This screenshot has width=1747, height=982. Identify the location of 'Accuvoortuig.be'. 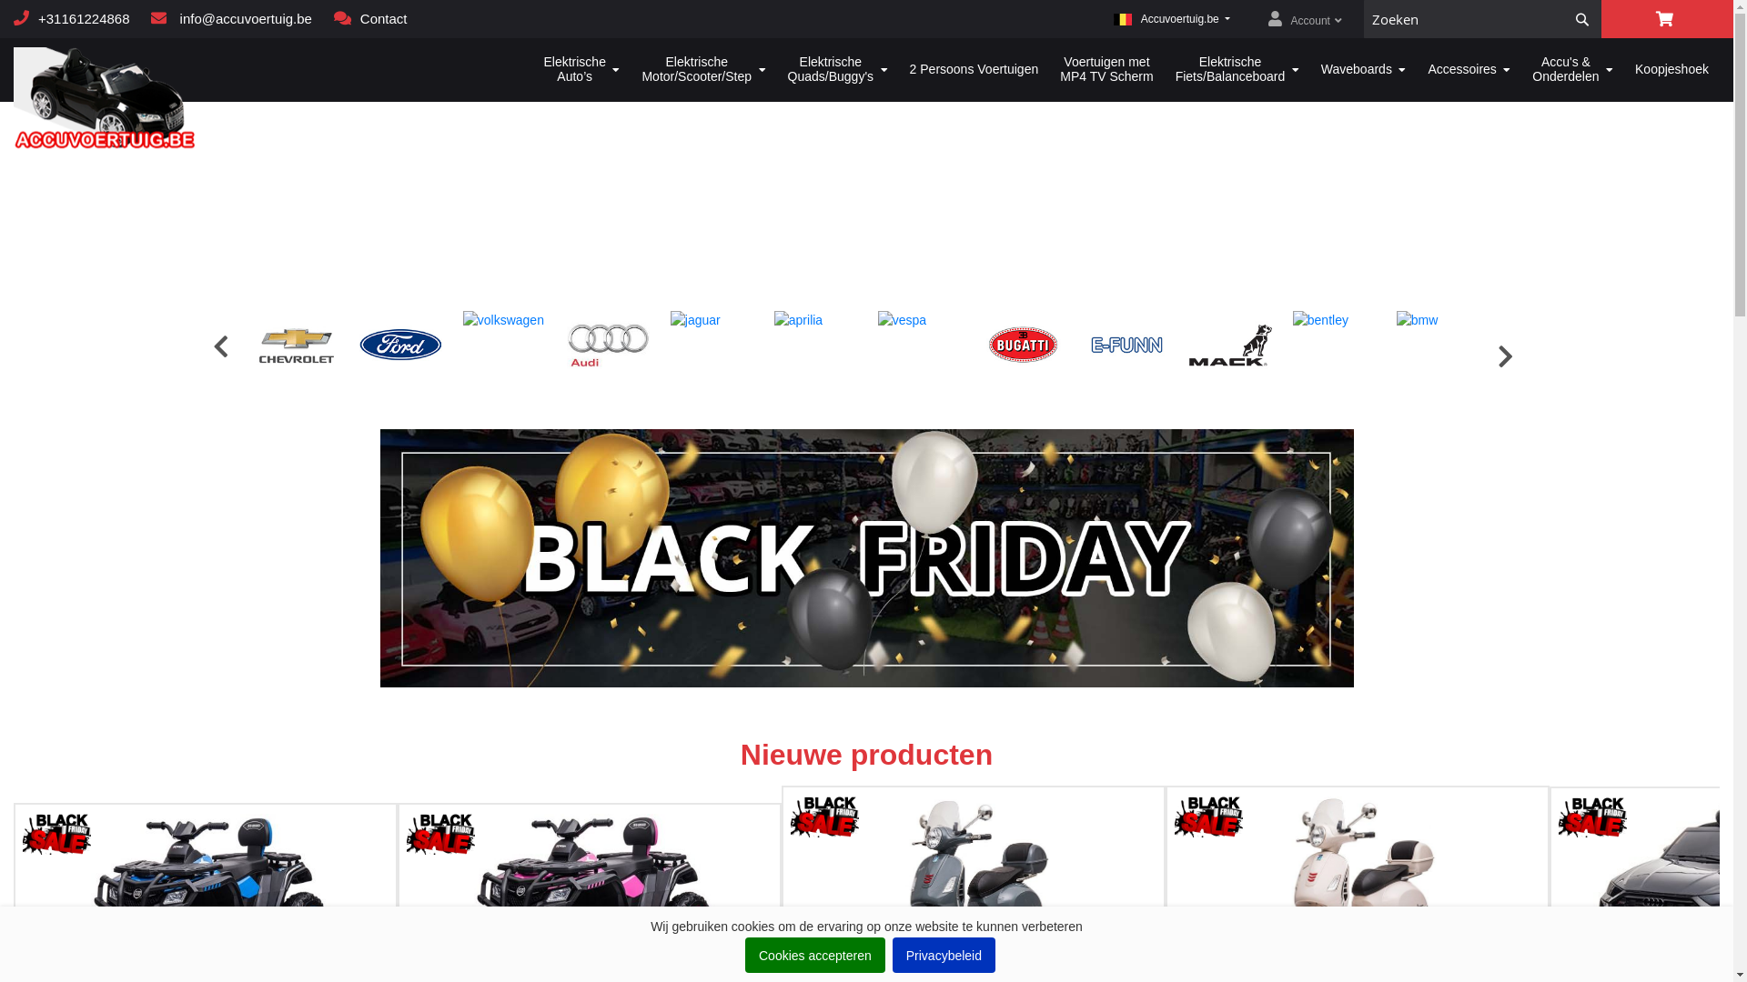
(13, 99).